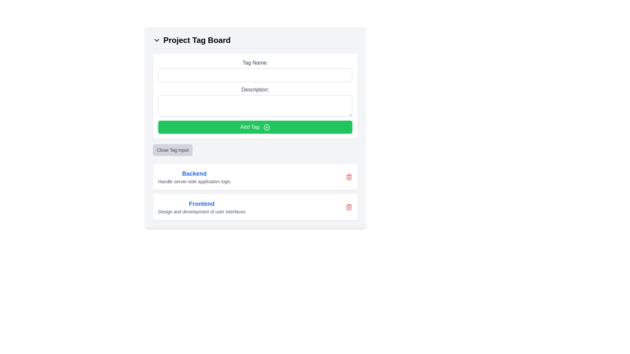 The width and height of the screenshot is (630, 354). What do you see at coordinates (255, 101) in the screenshot?
I see `the description input field located within the 'Project Tag Board' section, which is positioned below the 'Tag Name:' input field and above the 'Add Tag' green button to focus on it` at bounding box center [255, 101].